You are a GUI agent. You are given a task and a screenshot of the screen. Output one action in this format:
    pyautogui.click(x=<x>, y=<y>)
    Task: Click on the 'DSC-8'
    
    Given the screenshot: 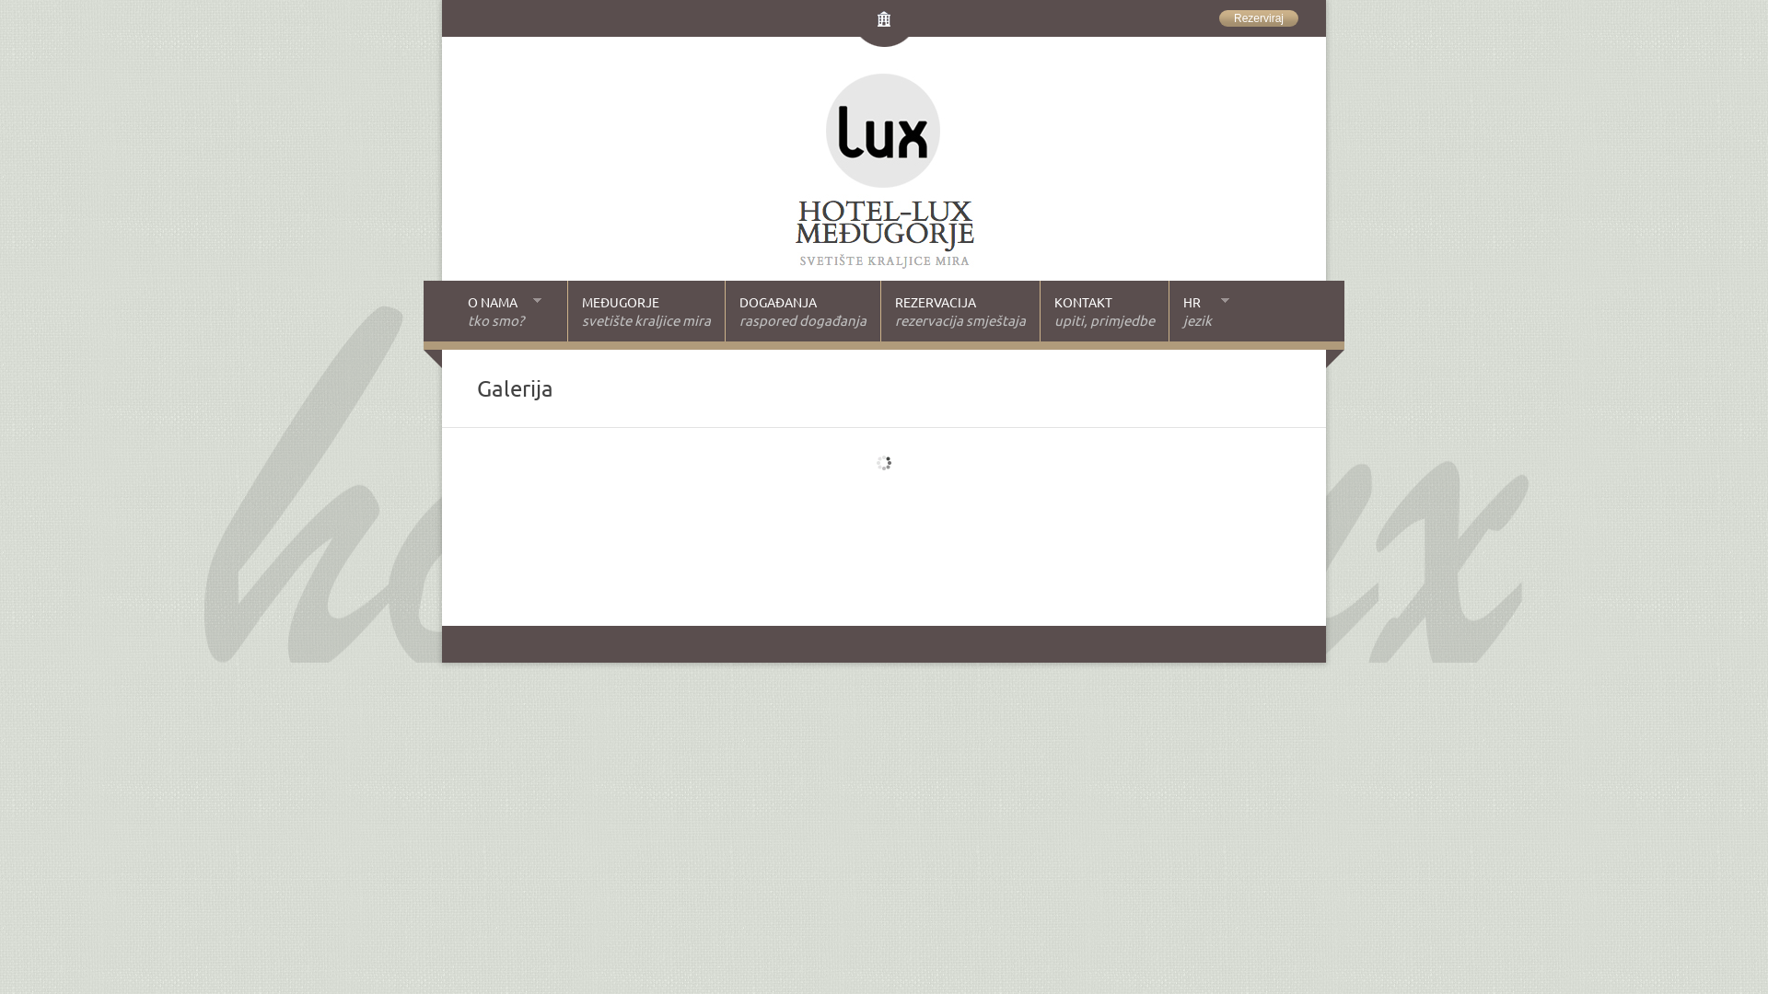 What is the action you would take?
    pyautogui.click(x=920, y=456)
    